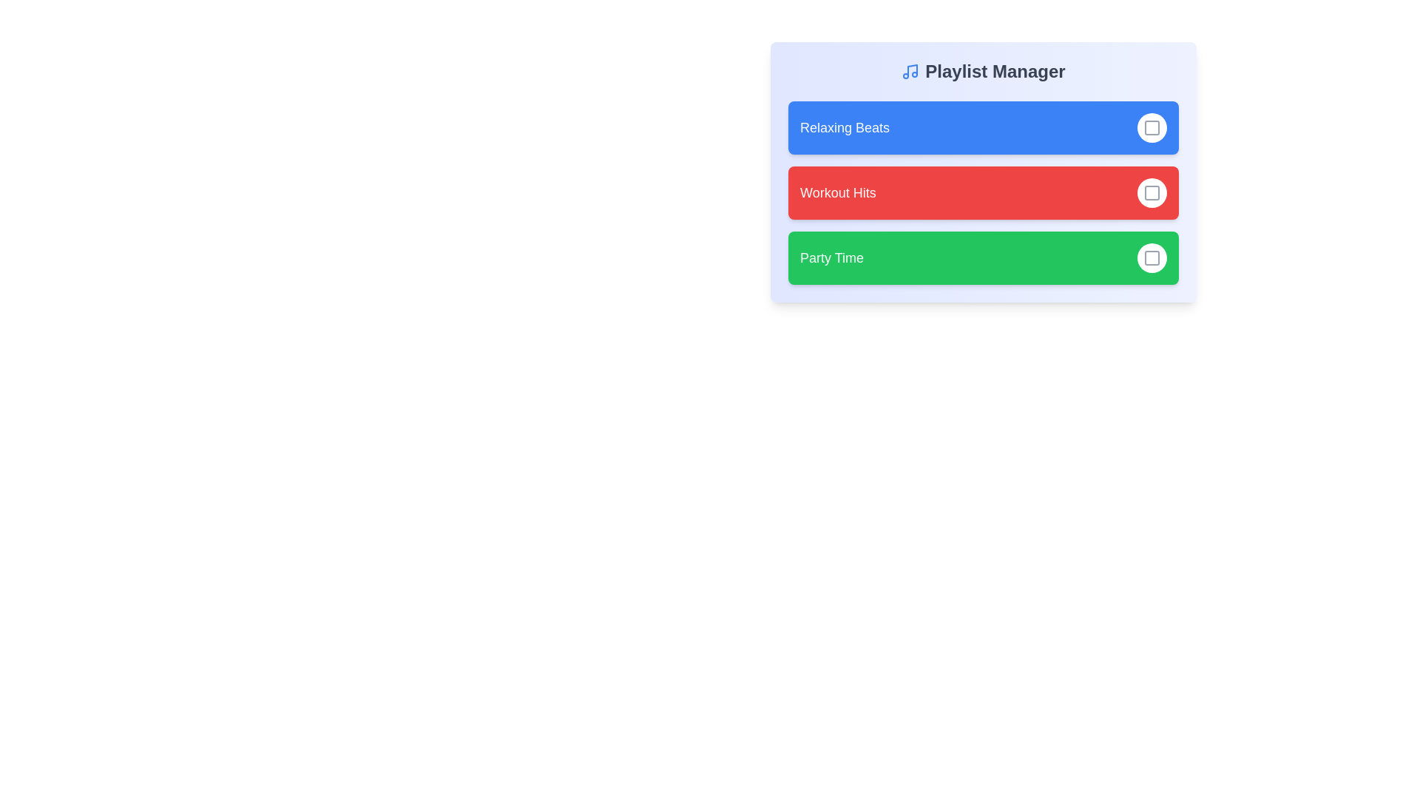 Image resolution: width=1420 pixels, height=799 pixels. I want to click on the playlist Party Time, so click(1152, 257).